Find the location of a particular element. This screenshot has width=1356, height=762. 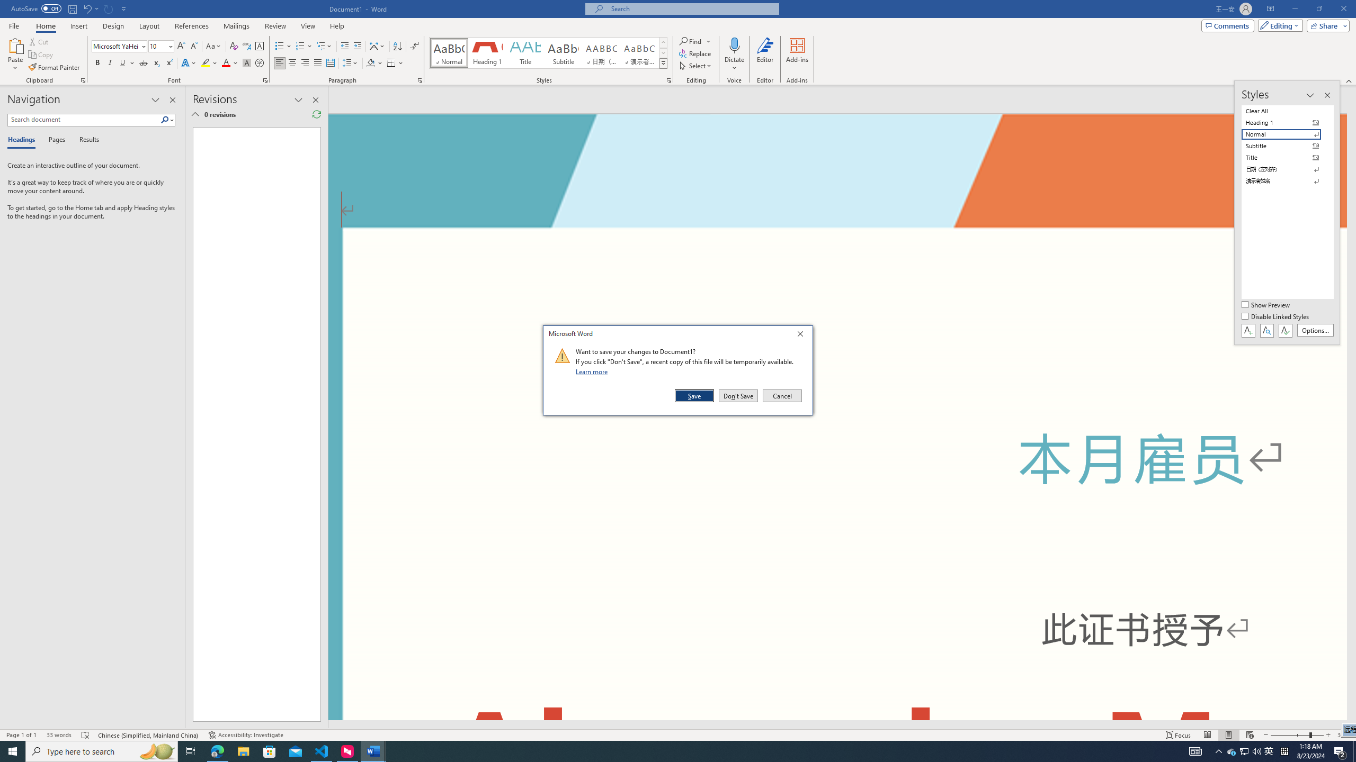

'Strikethrough' is located at coordinates (143, 62).